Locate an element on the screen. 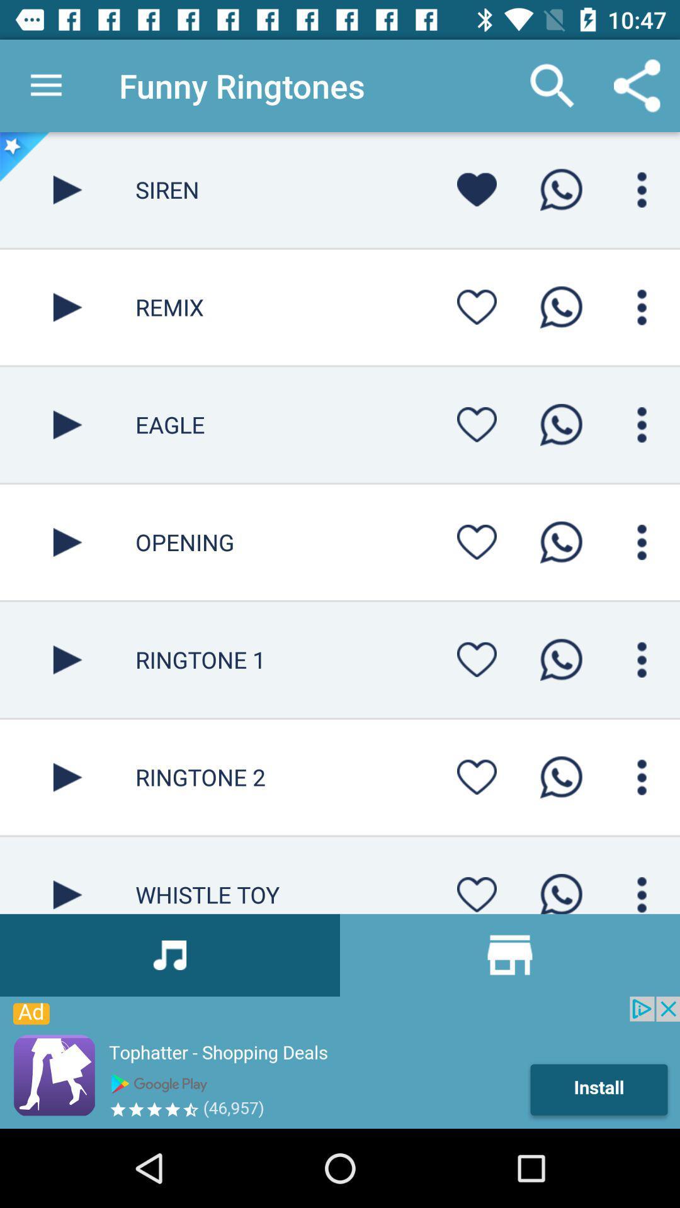 The image size is (680, 1208). like button is located at coordinates (477, 307).